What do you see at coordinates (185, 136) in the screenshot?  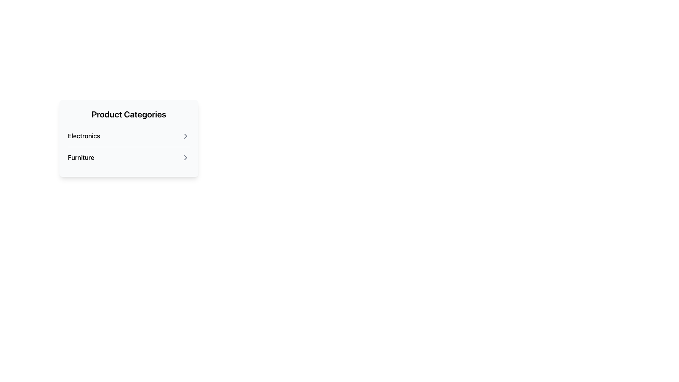 I see `the chevron arrow button located immediately to the right of the 'Electronics' label in the 'Product Categories' section` at bounding box center [185, 136].